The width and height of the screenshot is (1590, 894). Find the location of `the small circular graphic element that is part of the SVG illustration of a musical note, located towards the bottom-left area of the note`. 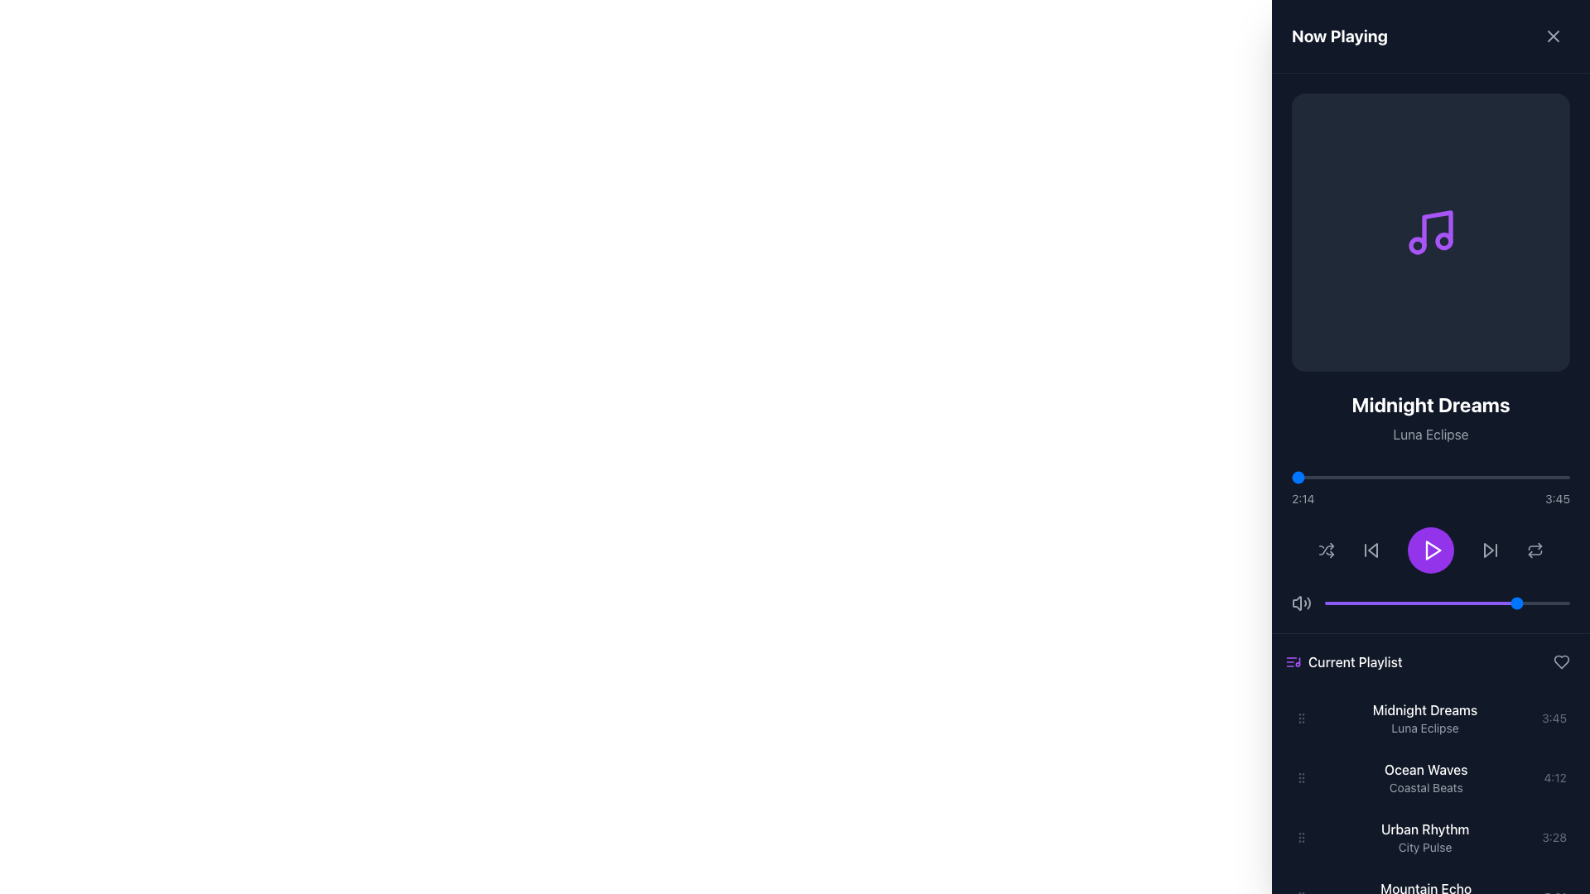

the small circular graphic element that is part of the SVG illustration of a musical note, located towards the bottom-left area of the note is located at coordinates (1417, 246).